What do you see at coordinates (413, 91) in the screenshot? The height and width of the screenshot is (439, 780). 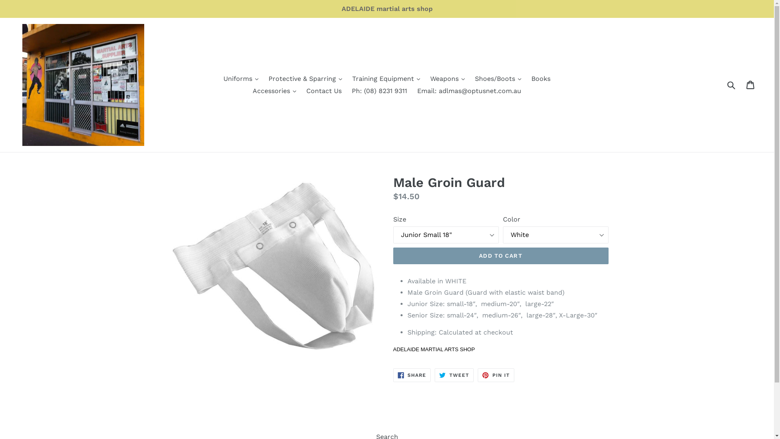 I see `'Email: adlmas@optusnet.com.au'` at bounding box center [413, 91].